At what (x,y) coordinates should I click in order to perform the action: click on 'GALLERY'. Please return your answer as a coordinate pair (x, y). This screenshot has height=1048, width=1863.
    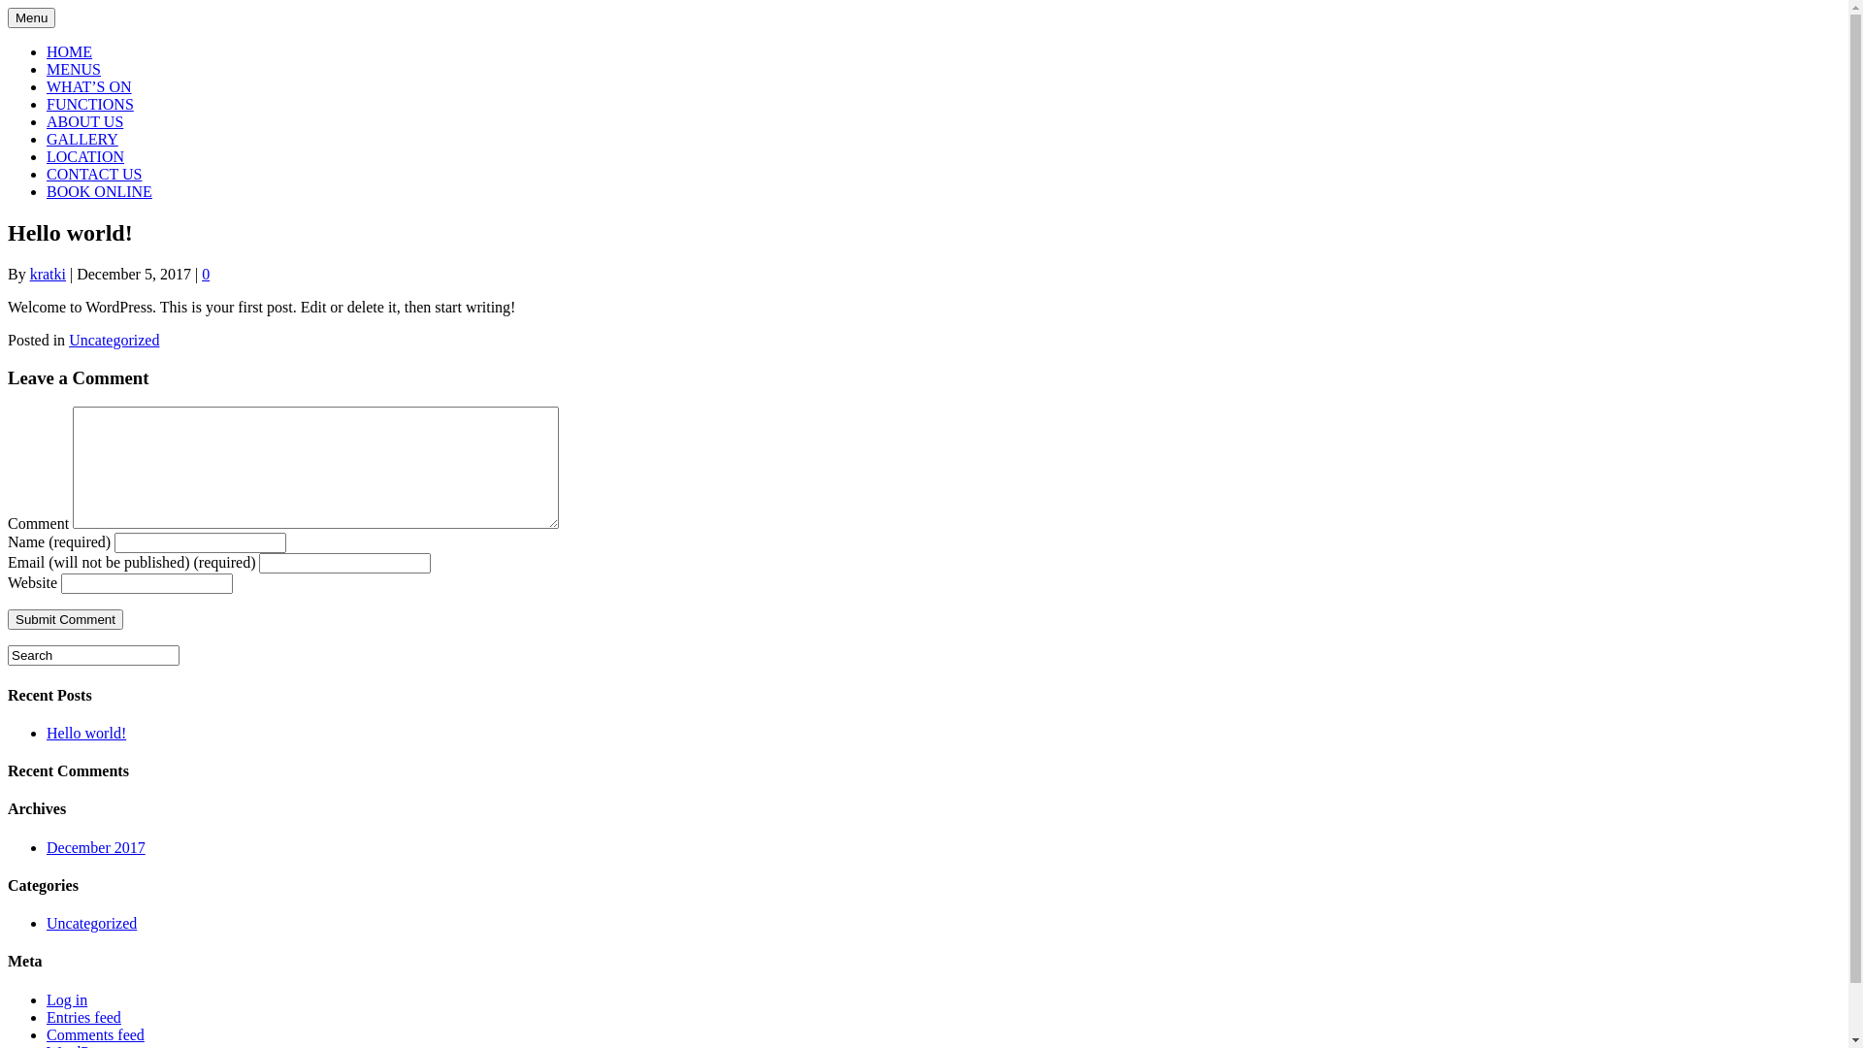
    Looking at the image, I should click on (82, 138).